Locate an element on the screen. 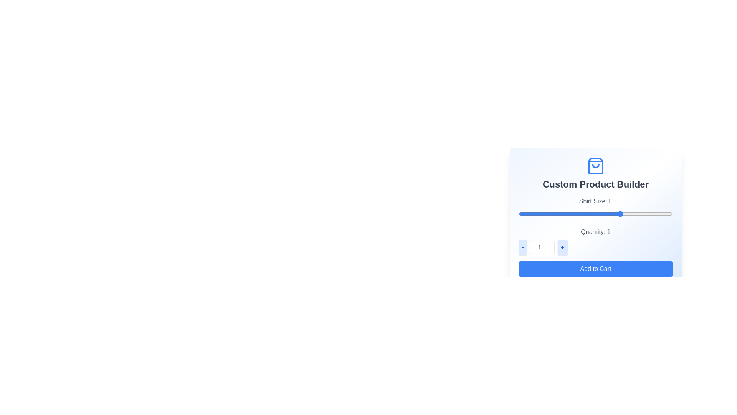 The image size is (737, 415). the slider is located at coordinates (570, 214).